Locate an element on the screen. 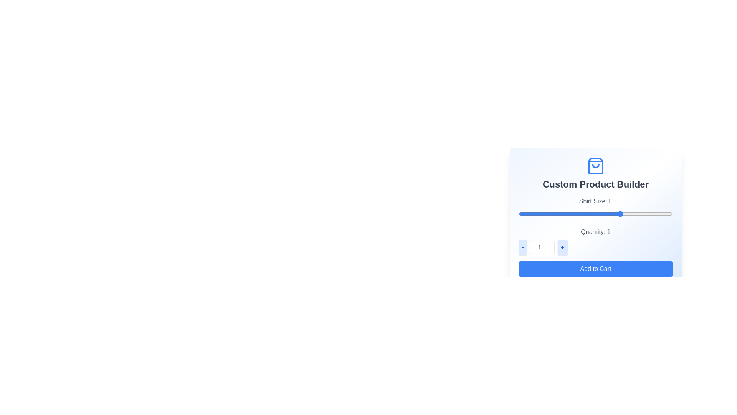 The image size is (737, 415). the slider is located at coordinates (570, 214).